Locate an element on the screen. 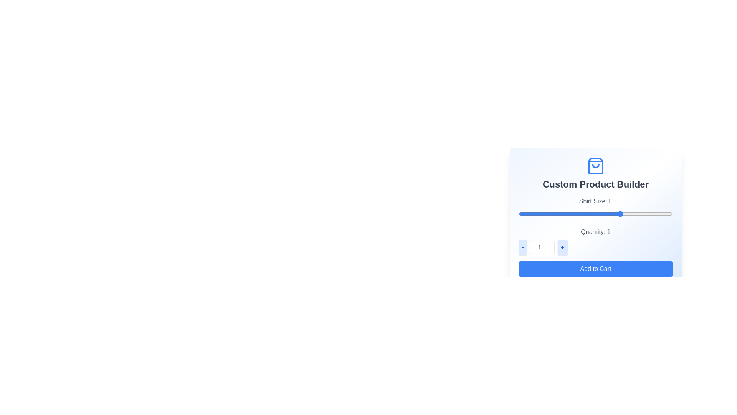 The image size is (737, 415). the slider is located at coordinates (570, 214).